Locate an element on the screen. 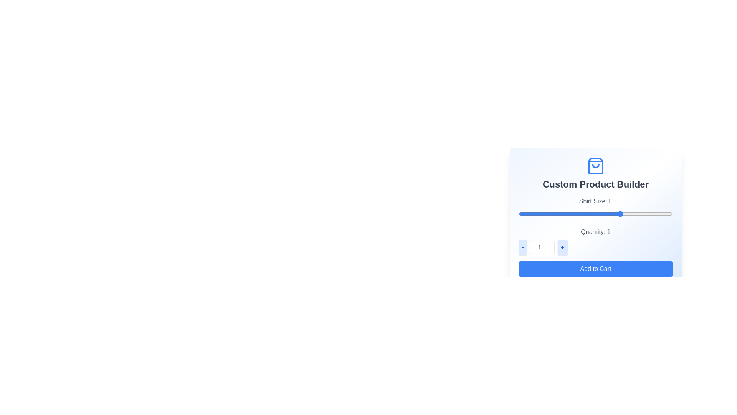 The image size is (737, 415). the slider is located at coordinates (570, 214).